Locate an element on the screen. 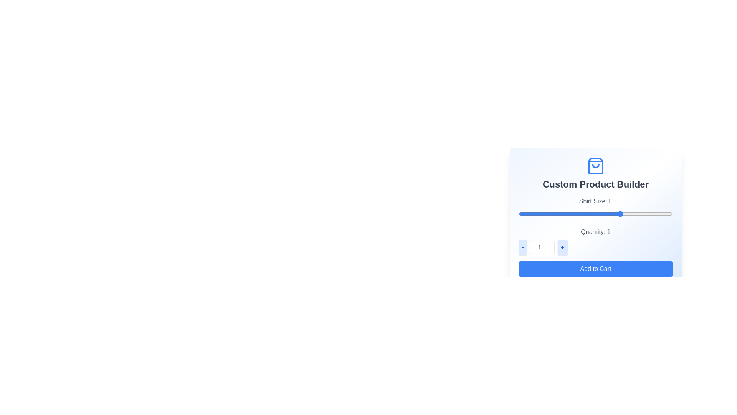 The image size is (737, 415). the slider is located at coordinates (570, 214).